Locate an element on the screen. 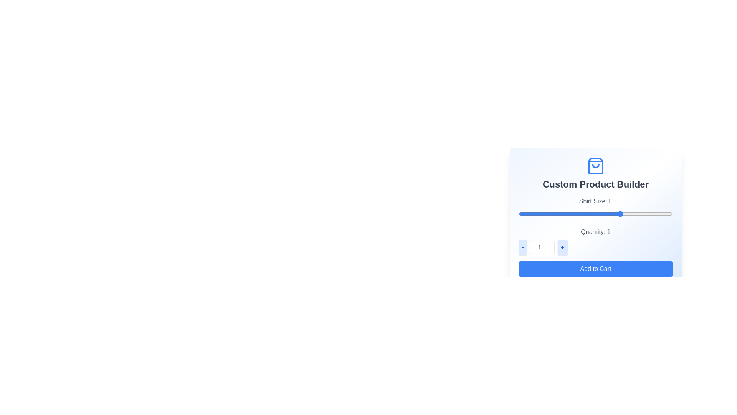 The image size is (737, 415). the slider is located at coordinates (570, 214).